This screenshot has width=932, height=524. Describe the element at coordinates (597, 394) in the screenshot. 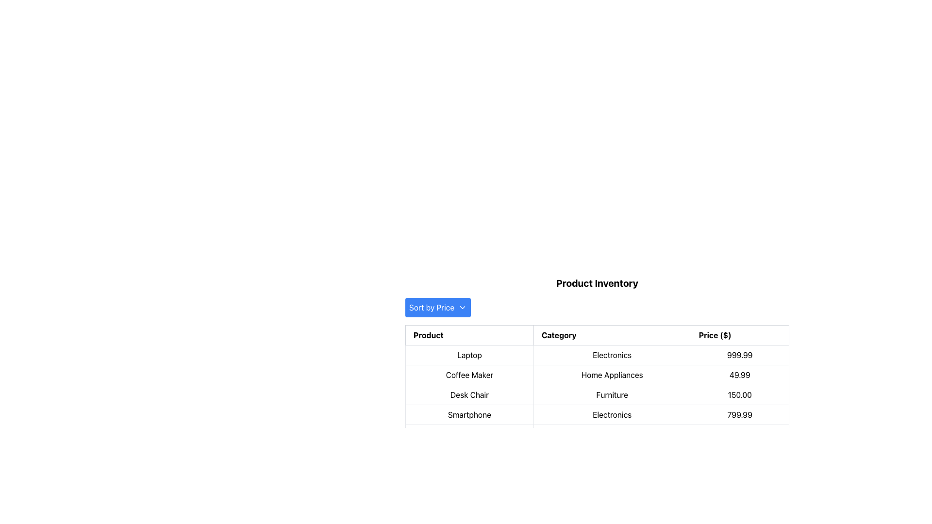

I see `the details displayed in the third row of the product inventory table, which includes information about the 'Desk Chair', its category 'Furniture', and price '150.00'` at that location.